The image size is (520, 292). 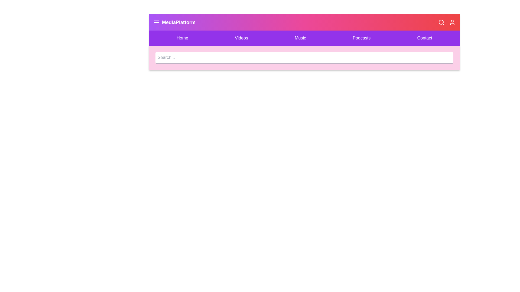 I want to click on the user icon to access user-related actions, so click(x=452, y=22).